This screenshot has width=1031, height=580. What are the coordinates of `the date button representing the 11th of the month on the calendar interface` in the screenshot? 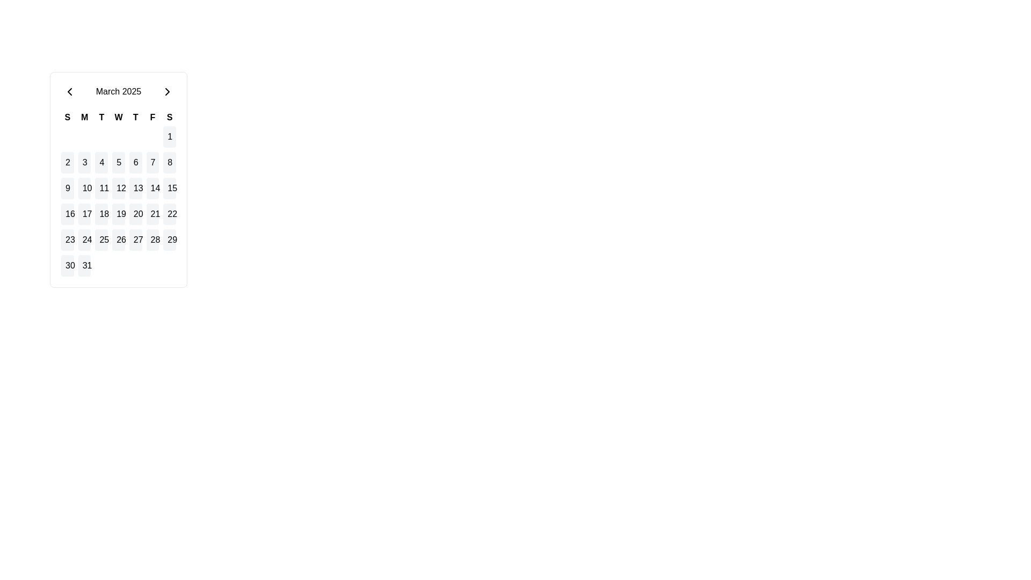 It's located at (101, 188).